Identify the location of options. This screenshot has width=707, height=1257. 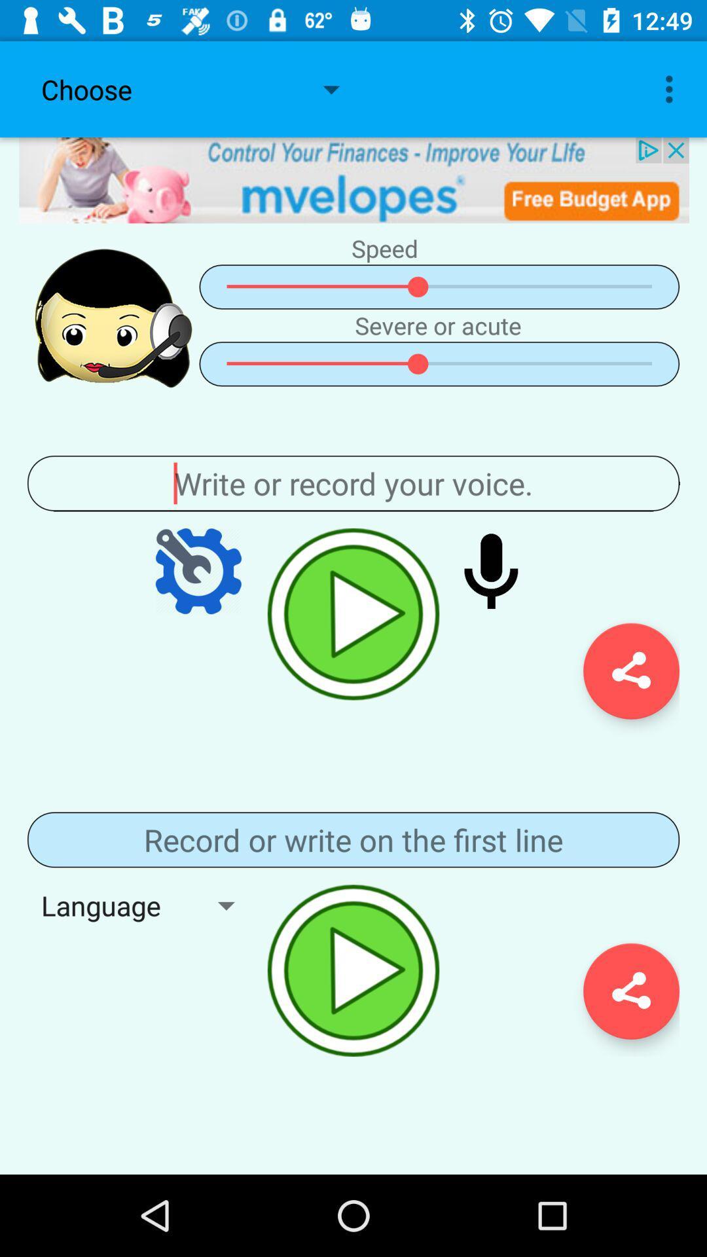
(198, 571).